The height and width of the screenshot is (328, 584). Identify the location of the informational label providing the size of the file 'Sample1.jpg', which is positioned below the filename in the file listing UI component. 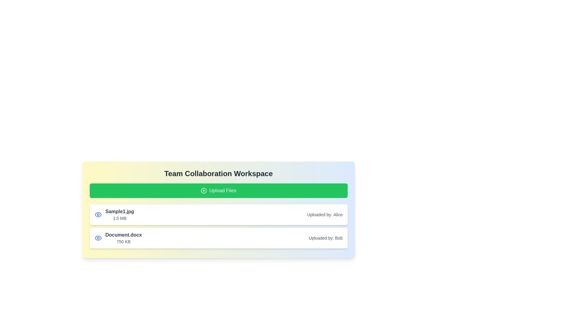
(120, 218).